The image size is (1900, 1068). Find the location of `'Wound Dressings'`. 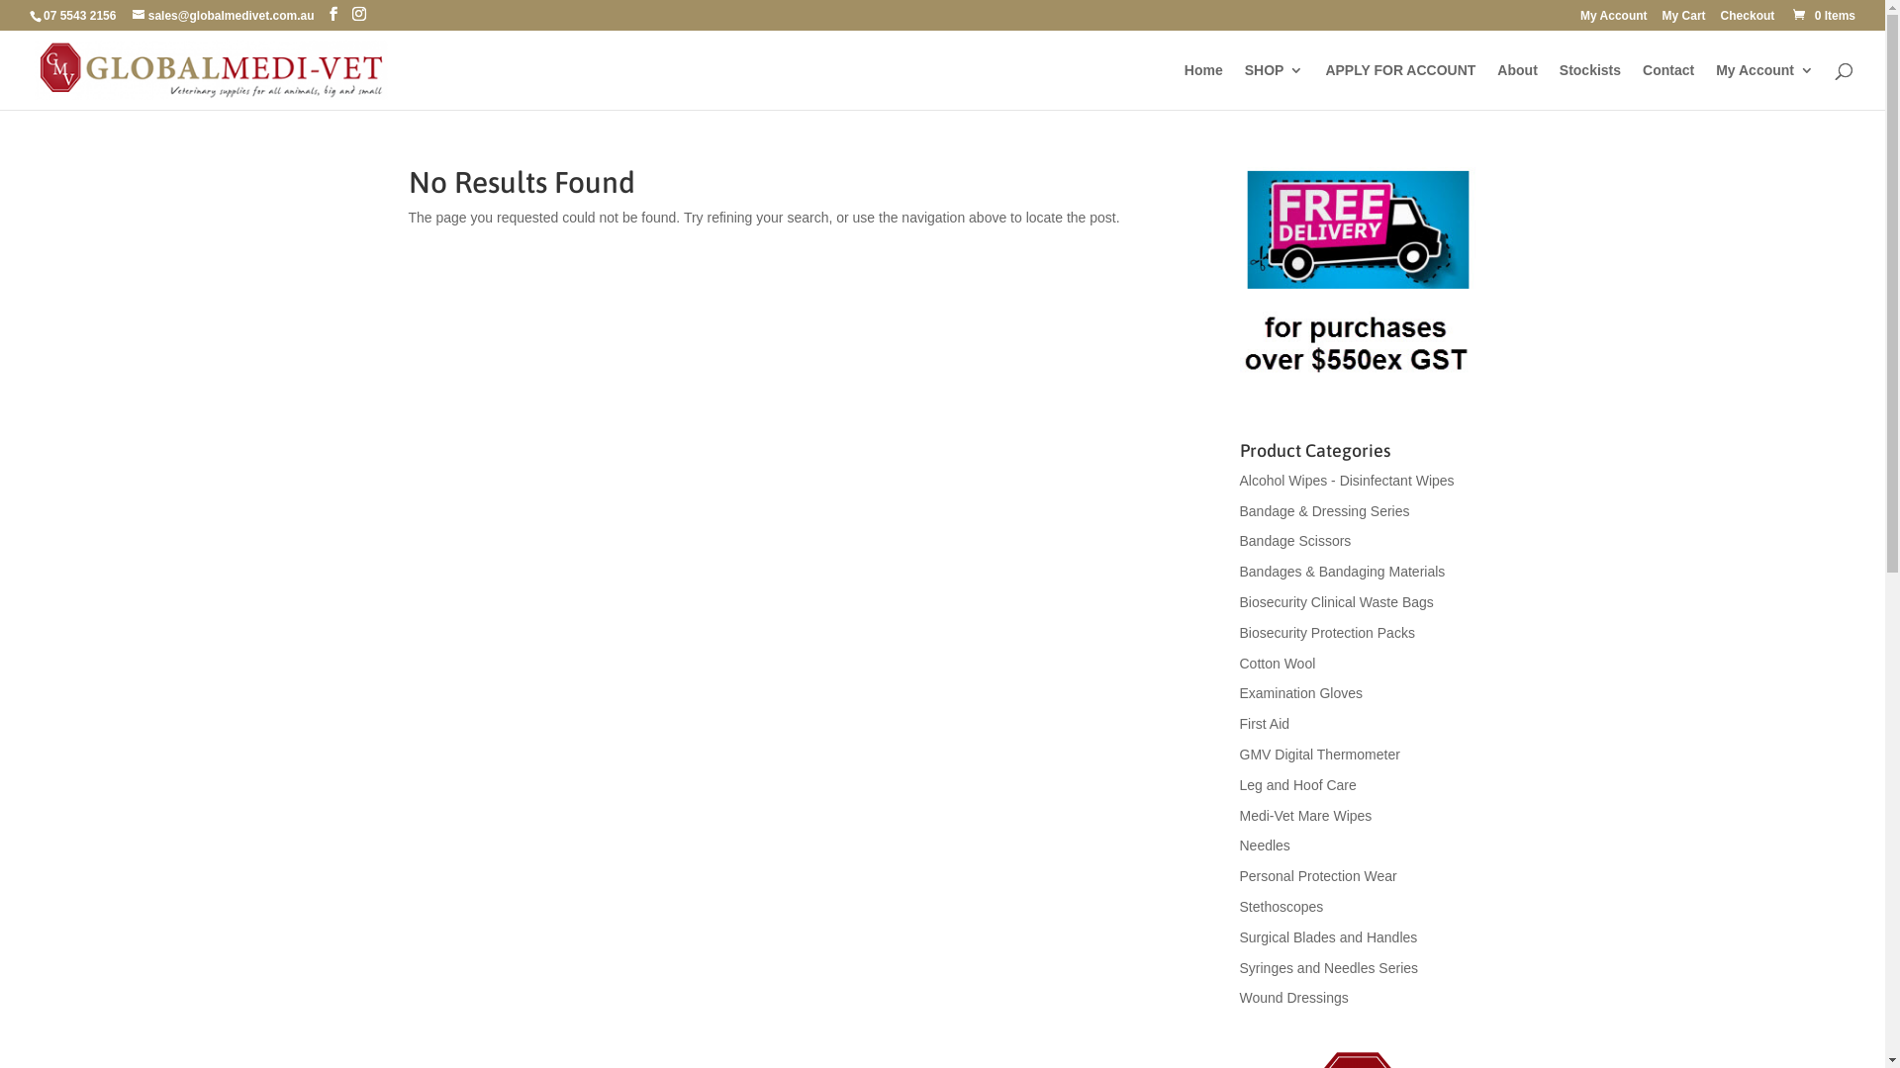

'Wound Dressings' is located at coordinates (1292, 998).